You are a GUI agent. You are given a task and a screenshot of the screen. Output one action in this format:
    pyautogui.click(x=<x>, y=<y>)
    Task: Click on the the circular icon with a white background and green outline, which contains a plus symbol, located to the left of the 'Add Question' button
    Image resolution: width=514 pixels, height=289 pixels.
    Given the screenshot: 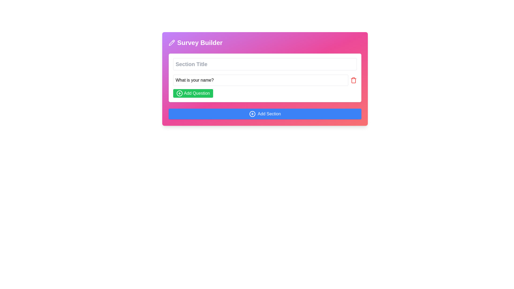 What is the action you would take?
    pyautogui.click(x=180, y=93)
    